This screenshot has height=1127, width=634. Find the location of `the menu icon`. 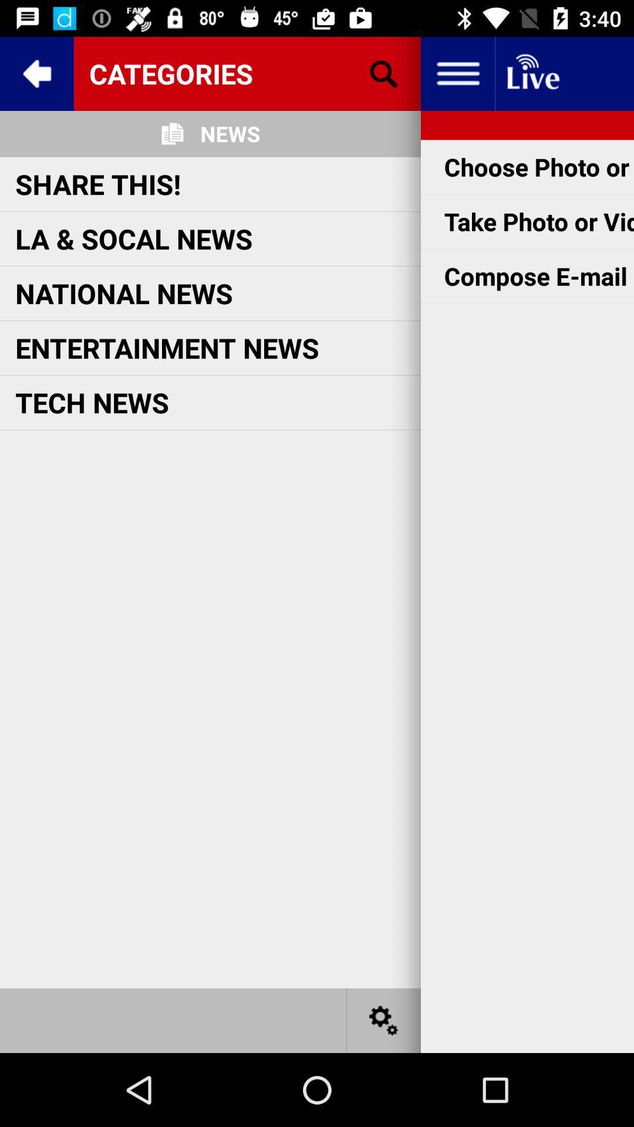

the menu icon is located at coordinates (457, 73).